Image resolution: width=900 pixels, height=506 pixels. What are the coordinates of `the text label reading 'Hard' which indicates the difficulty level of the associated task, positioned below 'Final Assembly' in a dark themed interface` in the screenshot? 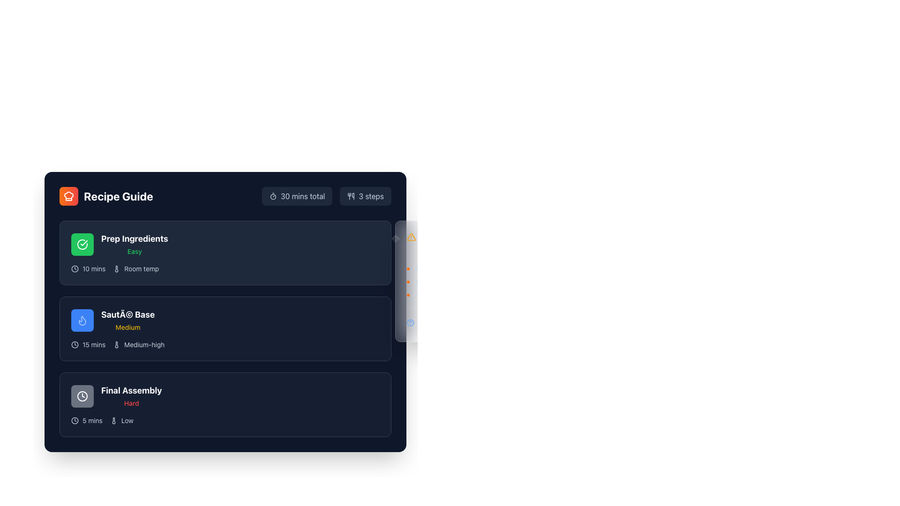 It's located at (131, 402).